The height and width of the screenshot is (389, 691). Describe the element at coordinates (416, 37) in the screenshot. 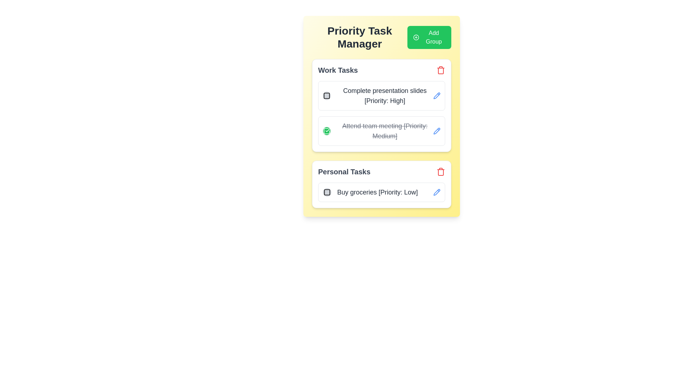

I see `the circular icon with a plus symbol in the center, which has a green outline and is part of the 'Add Group' button in the 'Priority Task Manager' panel` at that location.